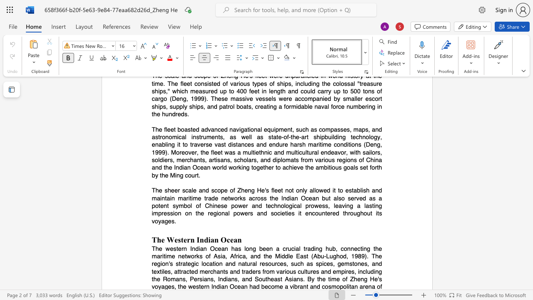 This screenshot has height=300, width=533. I want to click on the subset text "ere" within the text "encountered", so click(326, 213).